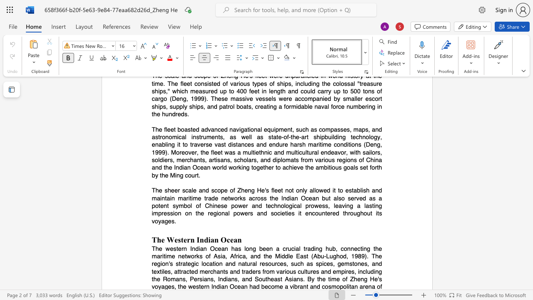 This screenshot has height=300, width=533. I want to click on the subset text "ere" within the text "encountered", so click(326, 213).